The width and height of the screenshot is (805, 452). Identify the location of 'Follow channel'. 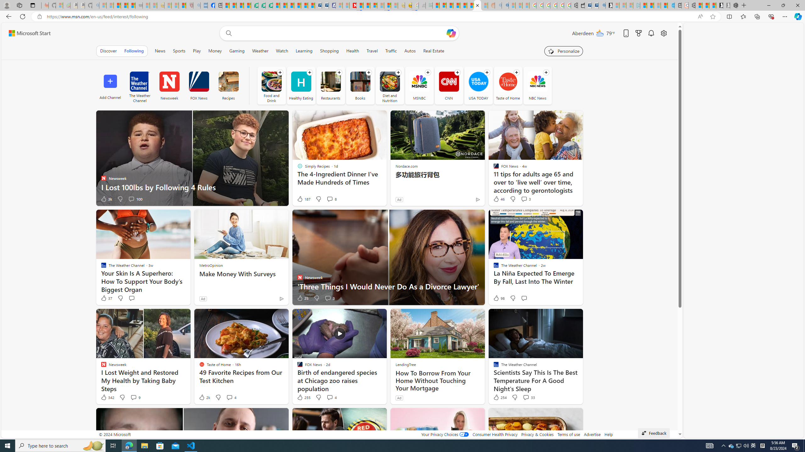
(545, 72).